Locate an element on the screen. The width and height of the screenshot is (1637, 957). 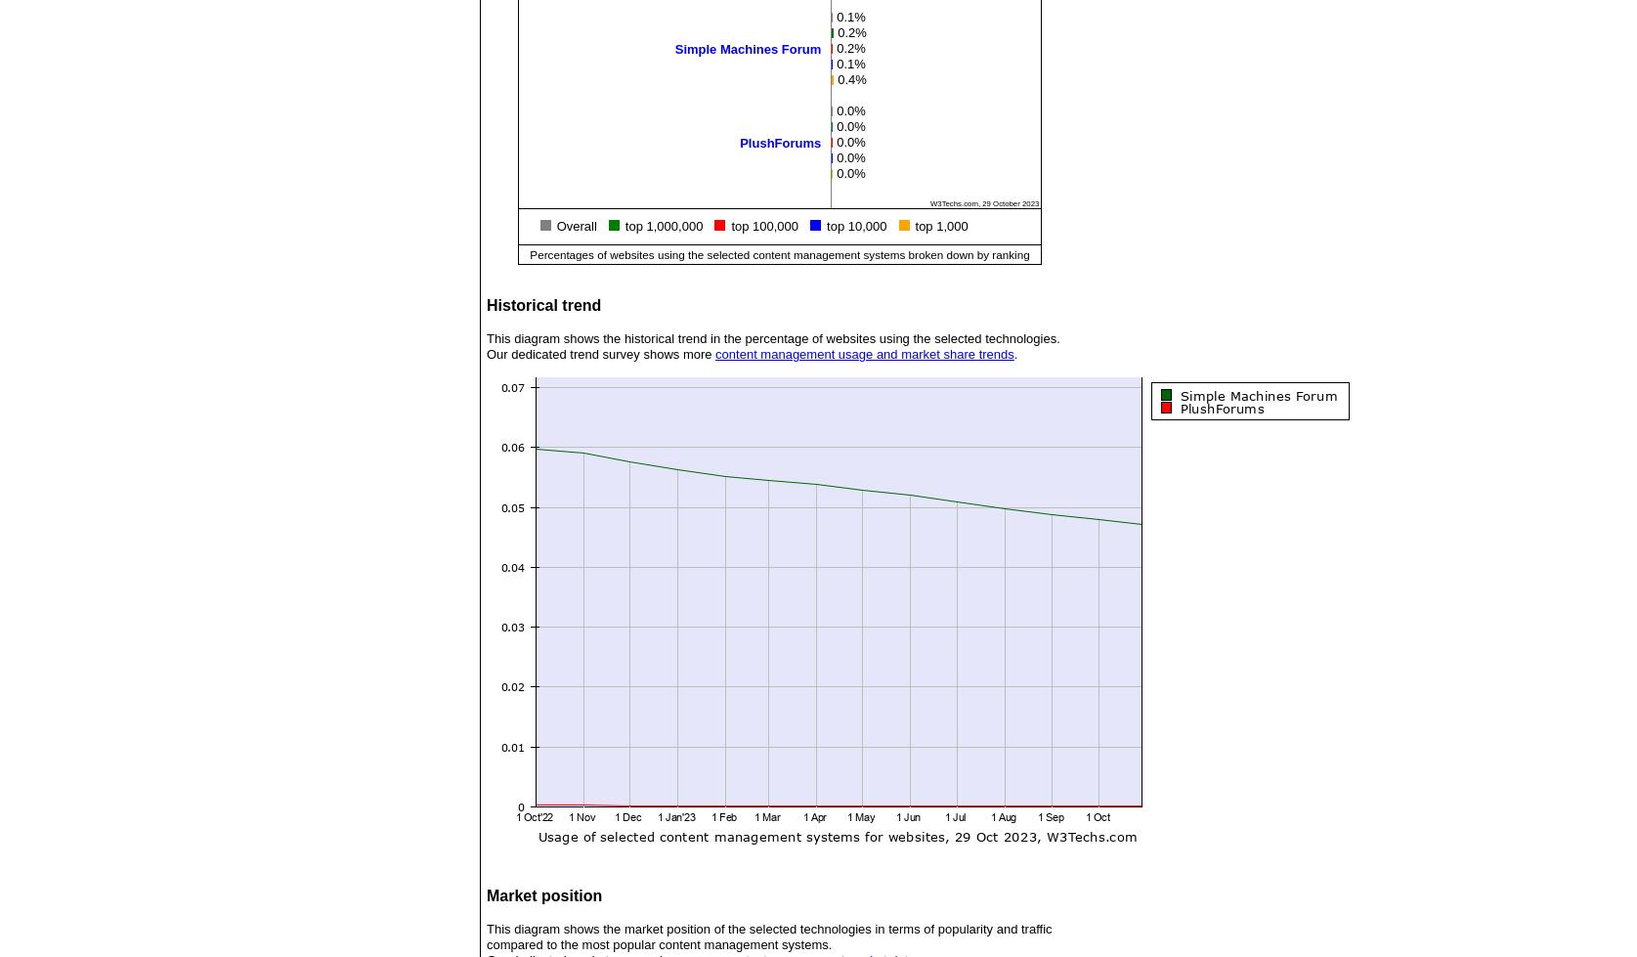
'top 100,000' is located at coordinates (731, 226).